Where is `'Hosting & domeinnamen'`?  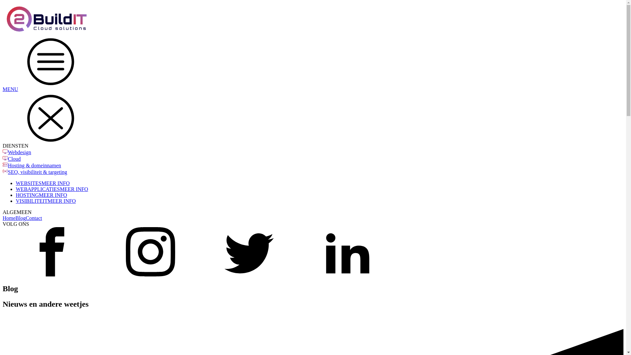
'Hosting & domeinnamen' is located at coordinates (34, 165).